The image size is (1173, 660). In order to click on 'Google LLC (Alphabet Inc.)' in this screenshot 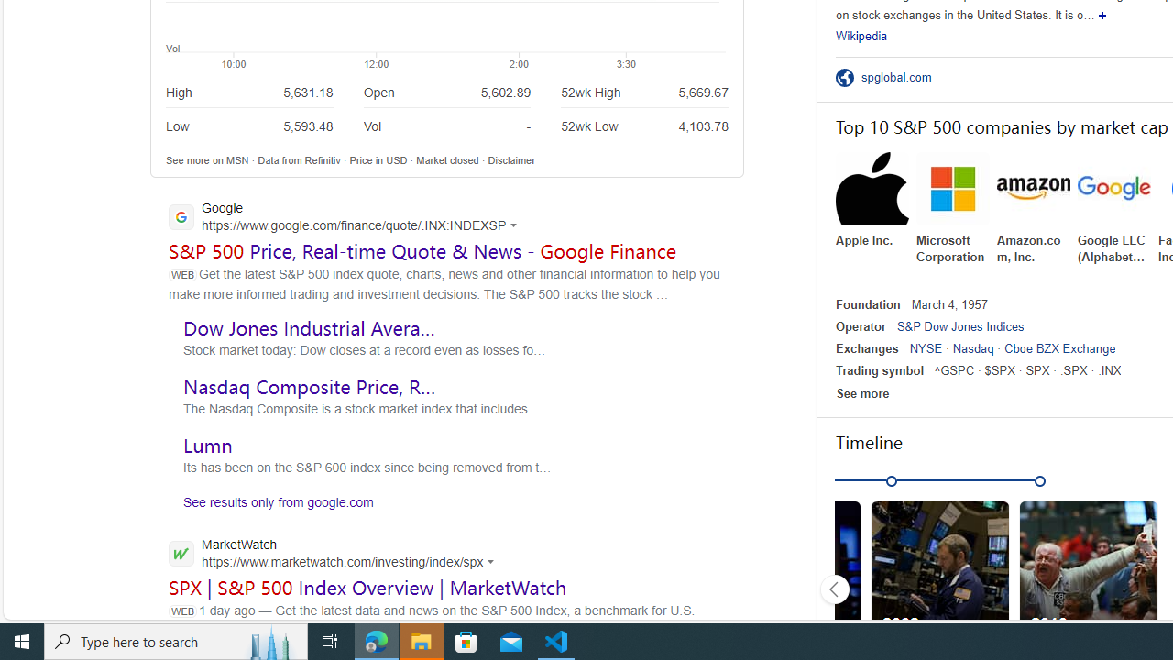, I will do `click(1113, 208)`.